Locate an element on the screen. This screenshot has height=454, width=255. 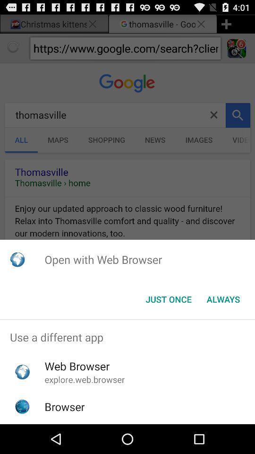
the explore.web.browser icon is located at coordinates (85, 379).